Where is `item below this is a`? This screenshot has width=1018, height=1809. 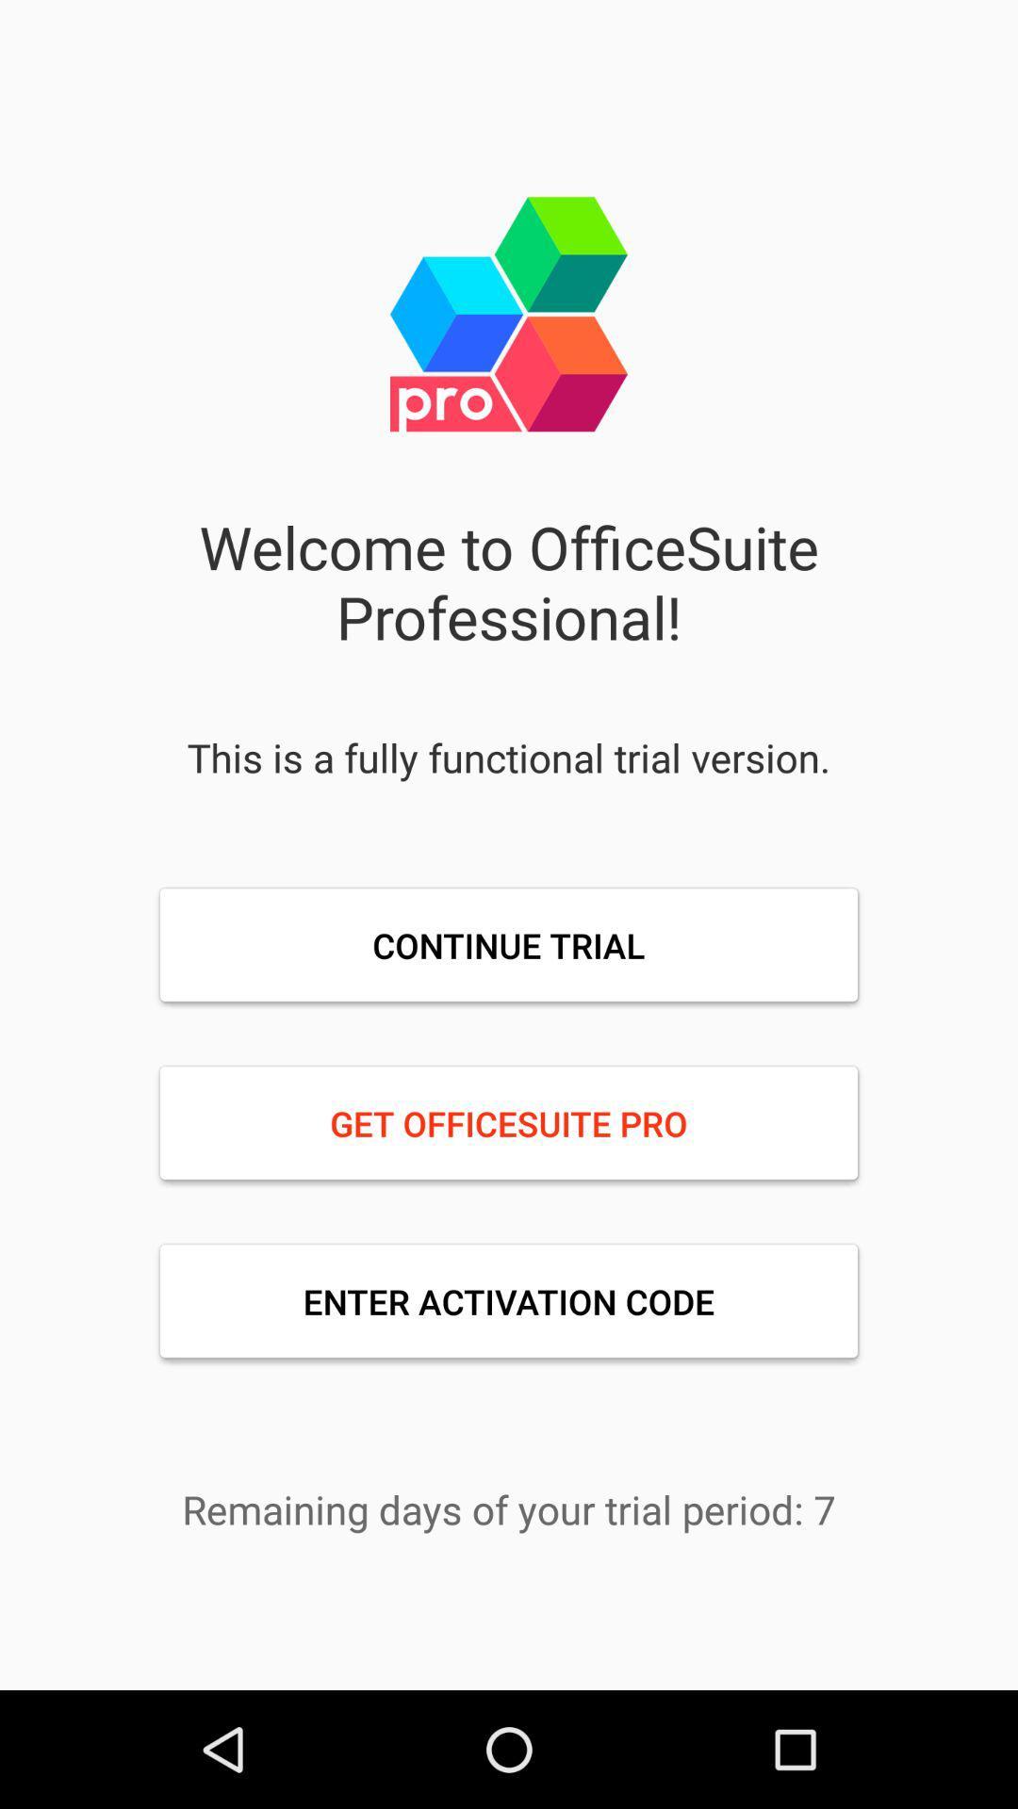 item below this is a is located at coordinates (509, 945).